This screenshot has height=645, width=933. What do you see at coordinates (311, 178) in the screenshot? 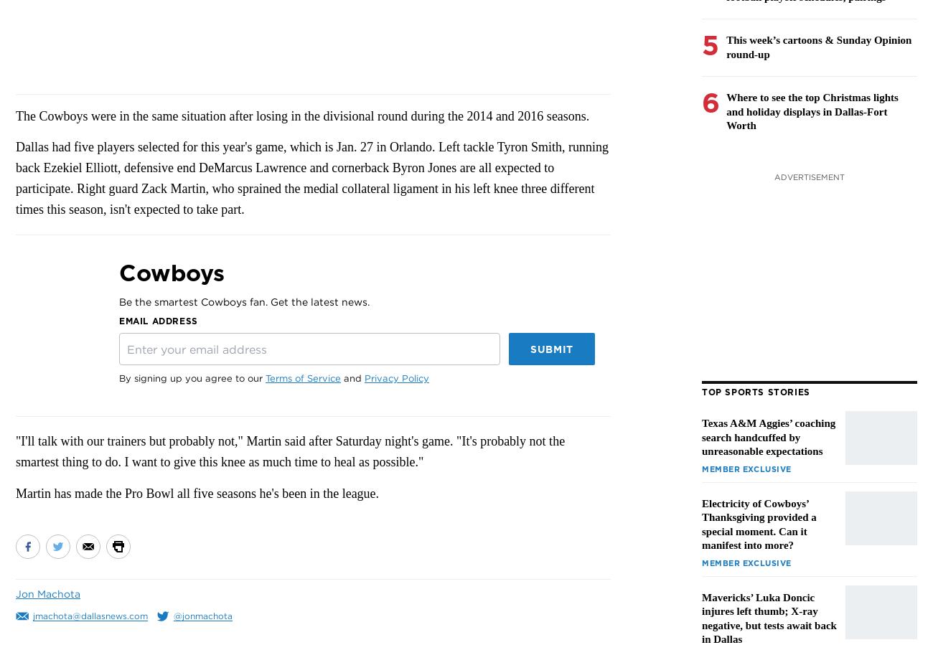
I see `'Dallas had five players selected for this year's game, which is Jan. 27 in Orlando. Left tackle Tyron Smith, running back Ezekiel Elliott, defensive end DeMarcus Lawrence and cornerback Byron Jones are all expected to participate. Right guard Zack Martin, who sprained the medial collateral ligament in his left knee three different times this season, isn't expected to take part.'` at bounding box center [311, 178].